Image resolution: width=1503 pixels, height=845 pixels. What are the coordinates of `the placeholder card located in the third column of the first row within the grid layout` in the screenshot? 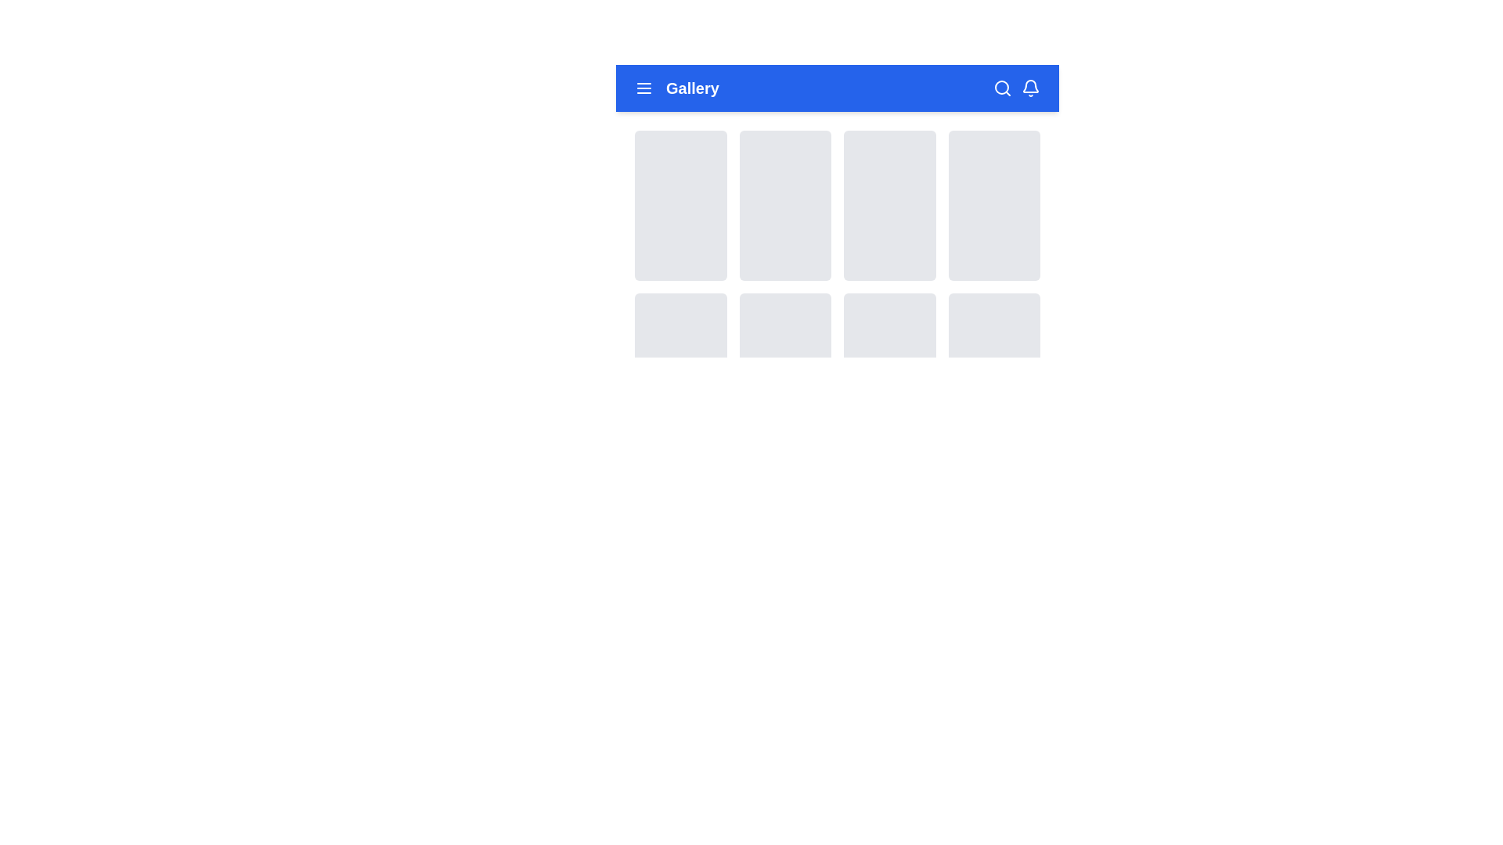 It's located at (889, 204).